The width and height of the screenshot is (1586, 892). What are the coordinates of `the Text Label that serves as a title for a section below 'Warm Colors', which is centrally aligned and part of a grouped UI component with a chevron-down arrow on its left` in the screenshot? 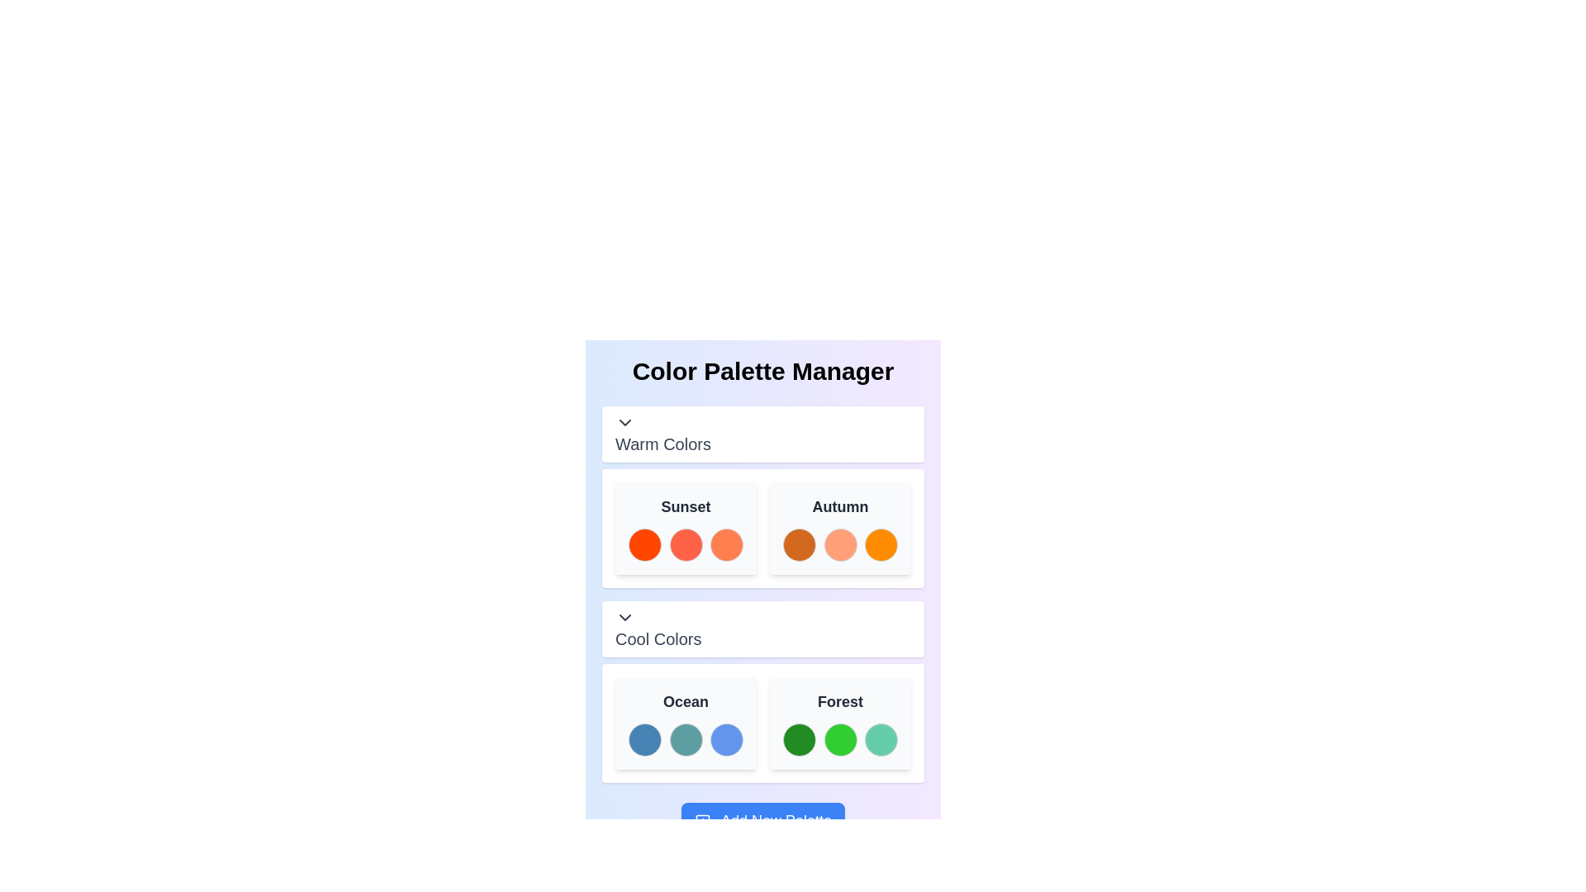 It's located at (658, 629).